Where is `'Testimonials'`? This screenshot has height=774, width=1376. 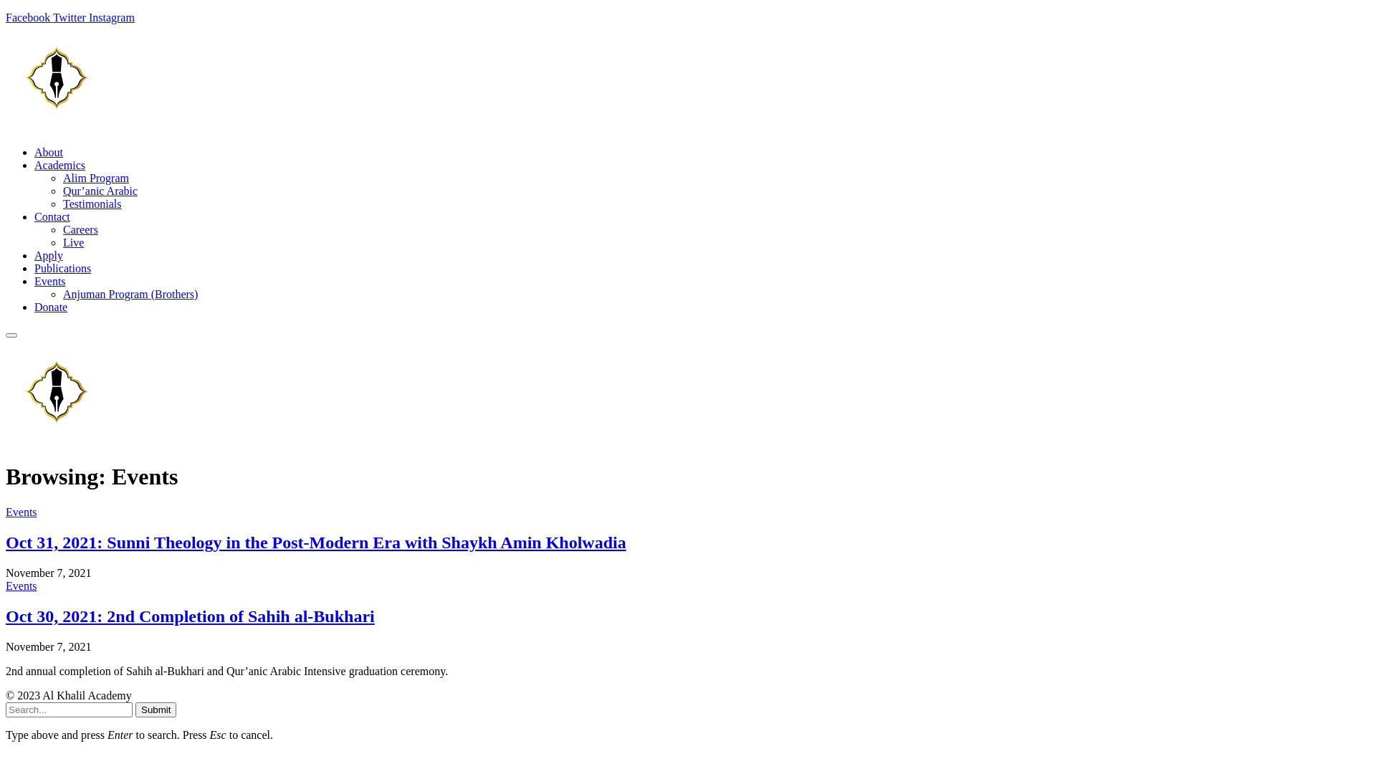
'Testimonials' is located at coordinates (62, 204).